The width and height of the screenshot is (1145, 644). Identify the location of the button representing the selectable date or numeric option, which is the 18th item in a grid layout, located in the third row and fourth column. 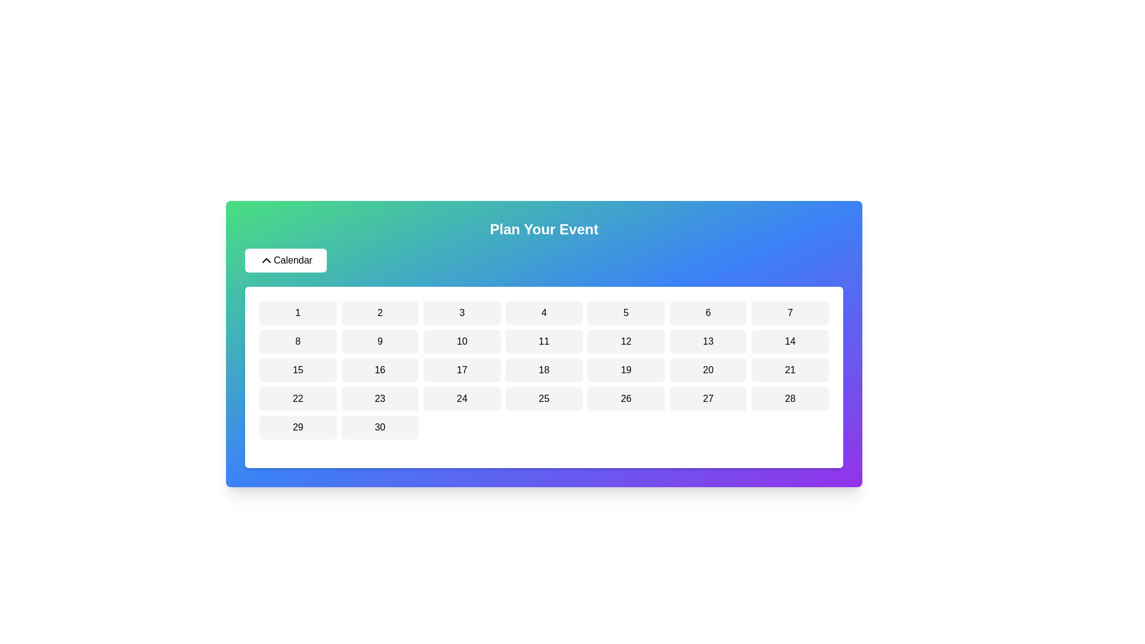
(543, 370).